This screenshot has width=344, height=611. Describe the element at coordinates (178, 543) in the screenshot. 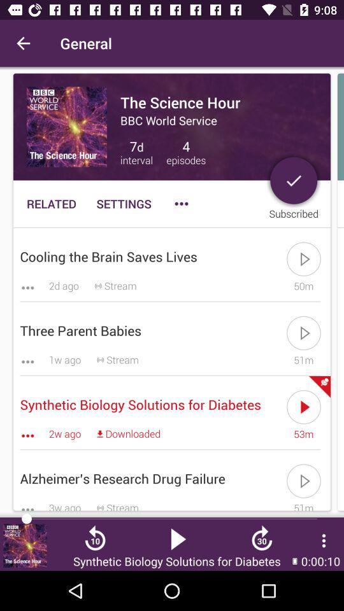

I see `the play icon` at that location.